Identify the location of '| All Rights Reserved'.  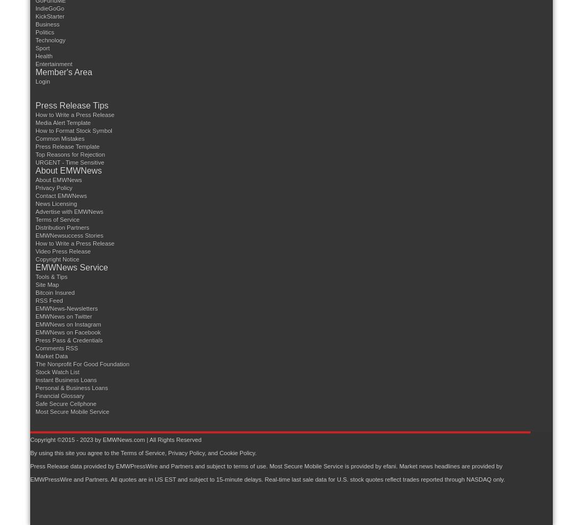
(172, 439).